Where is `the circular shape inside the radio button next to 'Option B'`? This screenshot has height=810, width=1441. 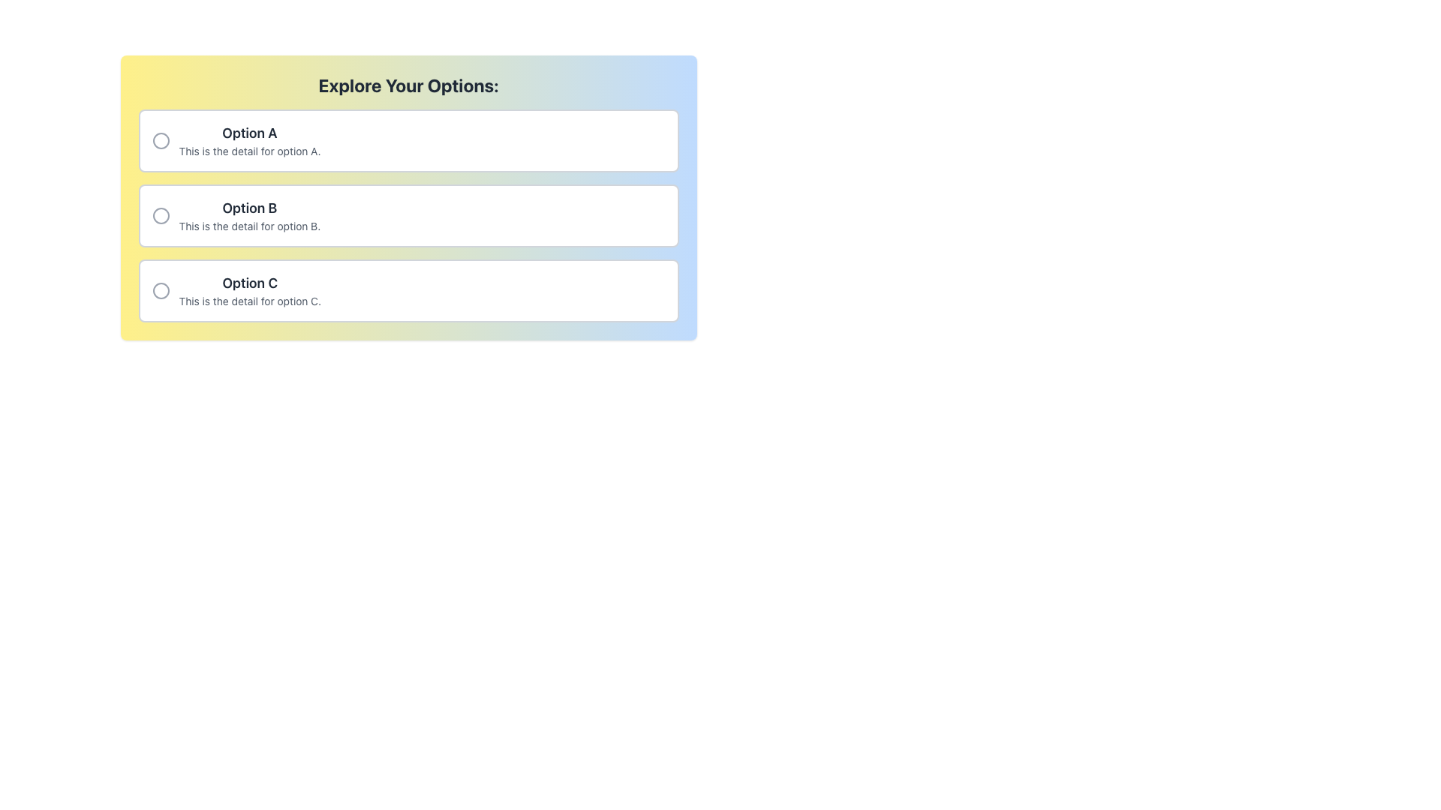
the circular shape inside the radio button next to 'Option B' is located at coordinates (161, 216).